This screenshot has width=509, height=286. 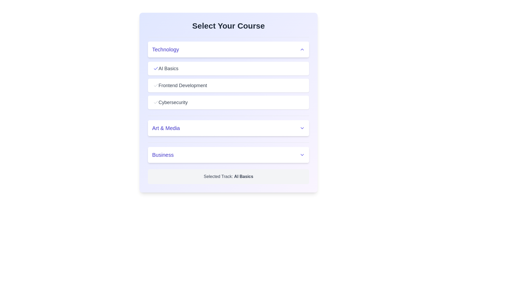 What do you see at coordinates (183, 85) in the screenshot?
I see `text label located in the second row of options under the 'Technology' section, which is horizontally aligned with a checkmark icon and has a white background with rounded corners` at bounding box center [183, 85].